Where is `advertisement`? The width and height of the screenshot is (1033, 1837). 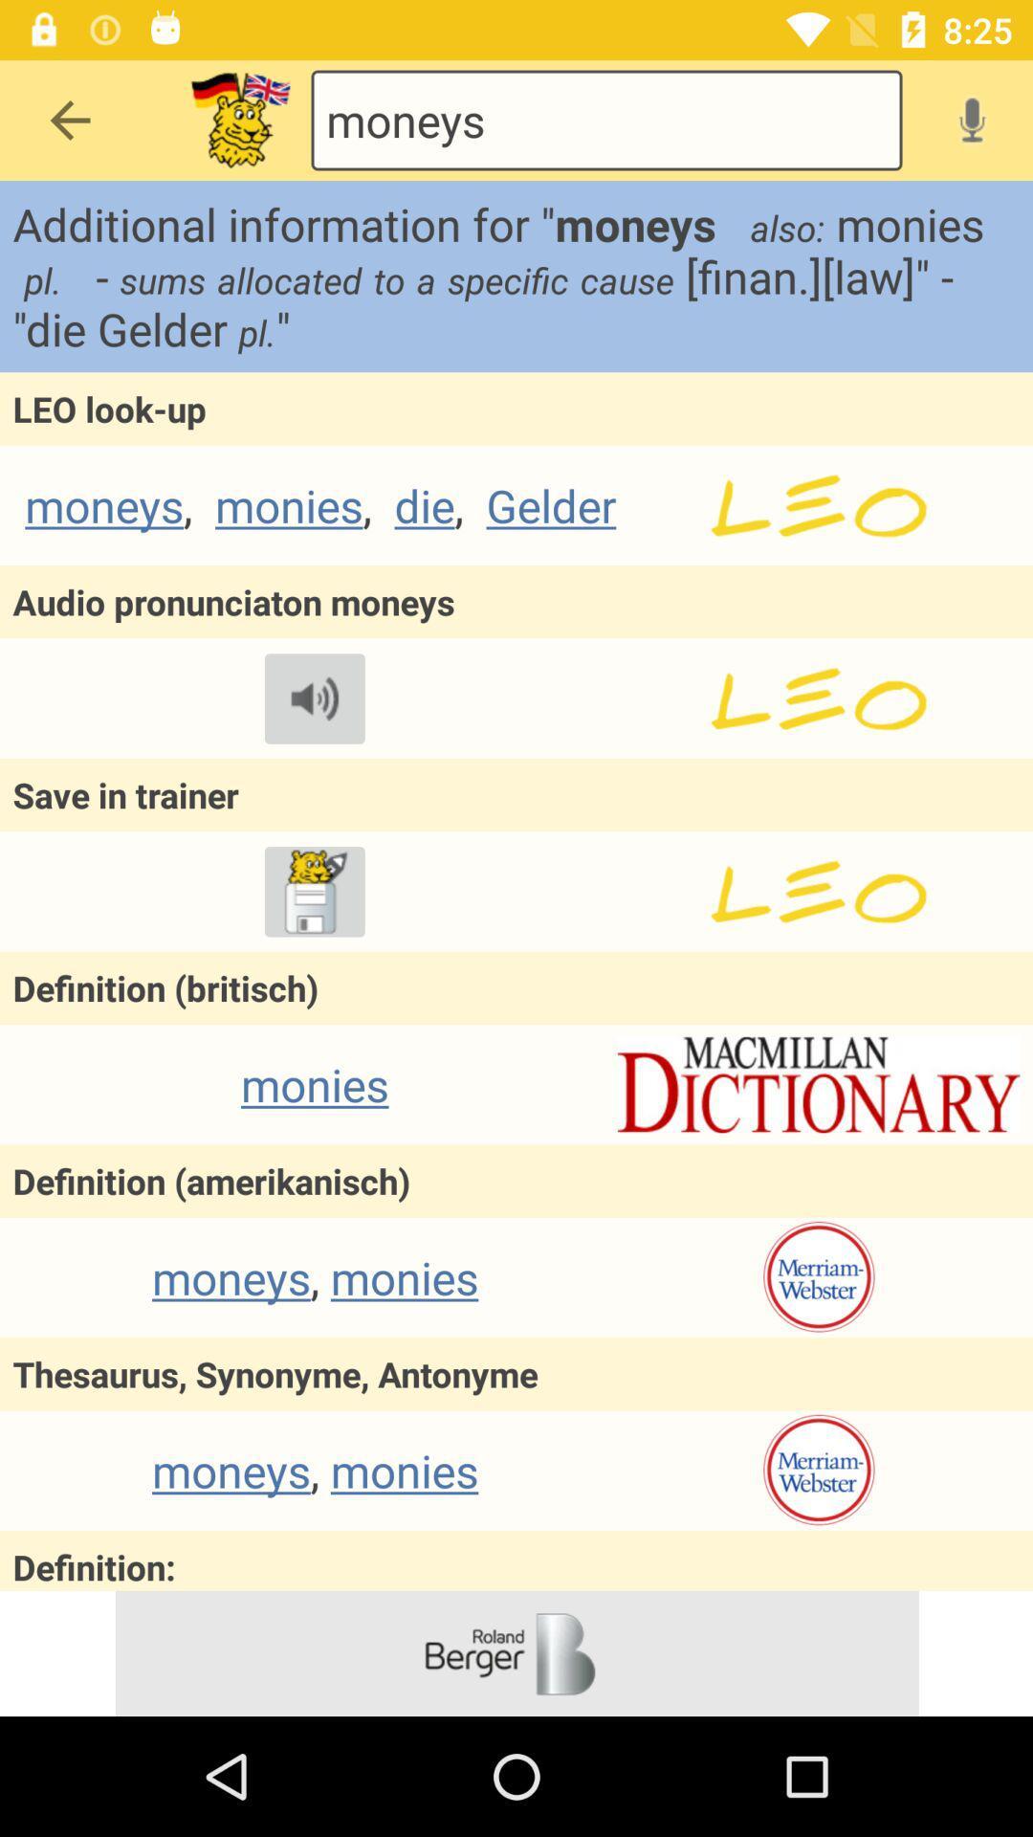 advertisement is located at coordinates (516, 1652).